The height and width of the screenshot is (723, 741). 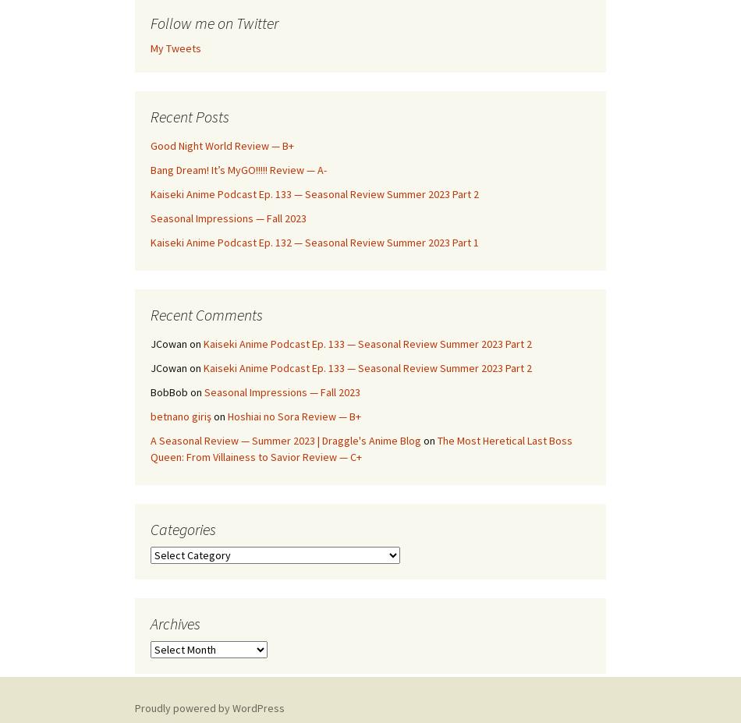 I want to click on 'Recent Posts', so click(x=189, y=115).